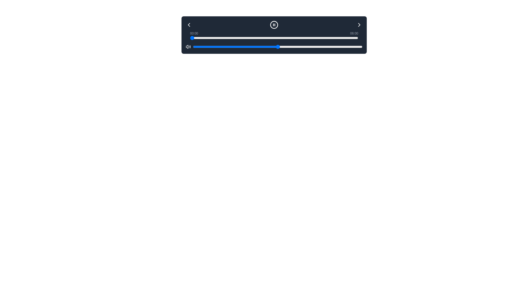 The height and width of the screenshot is (289, 514). Describe the element at coordinates (296, 46) in the screenshot. I see `volume` at that location.